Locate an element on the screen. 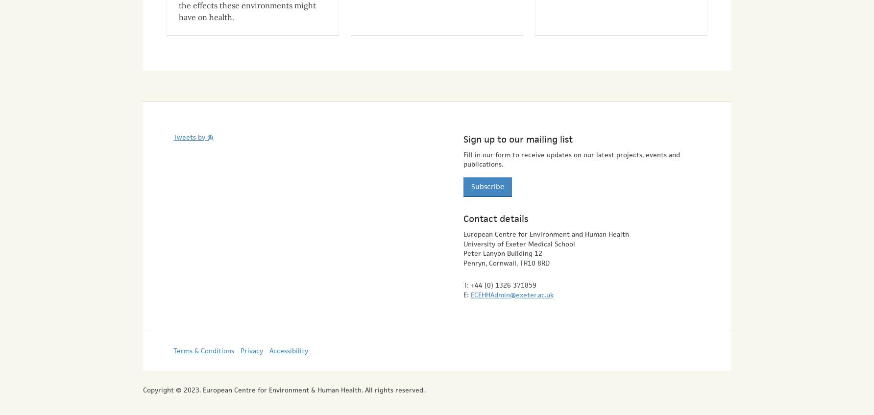 Image resolution: width=874 pixels, height=415 pixels. 'ECEHHAdmin@exeter.ac.uk' is located at coordinates (511, 285).